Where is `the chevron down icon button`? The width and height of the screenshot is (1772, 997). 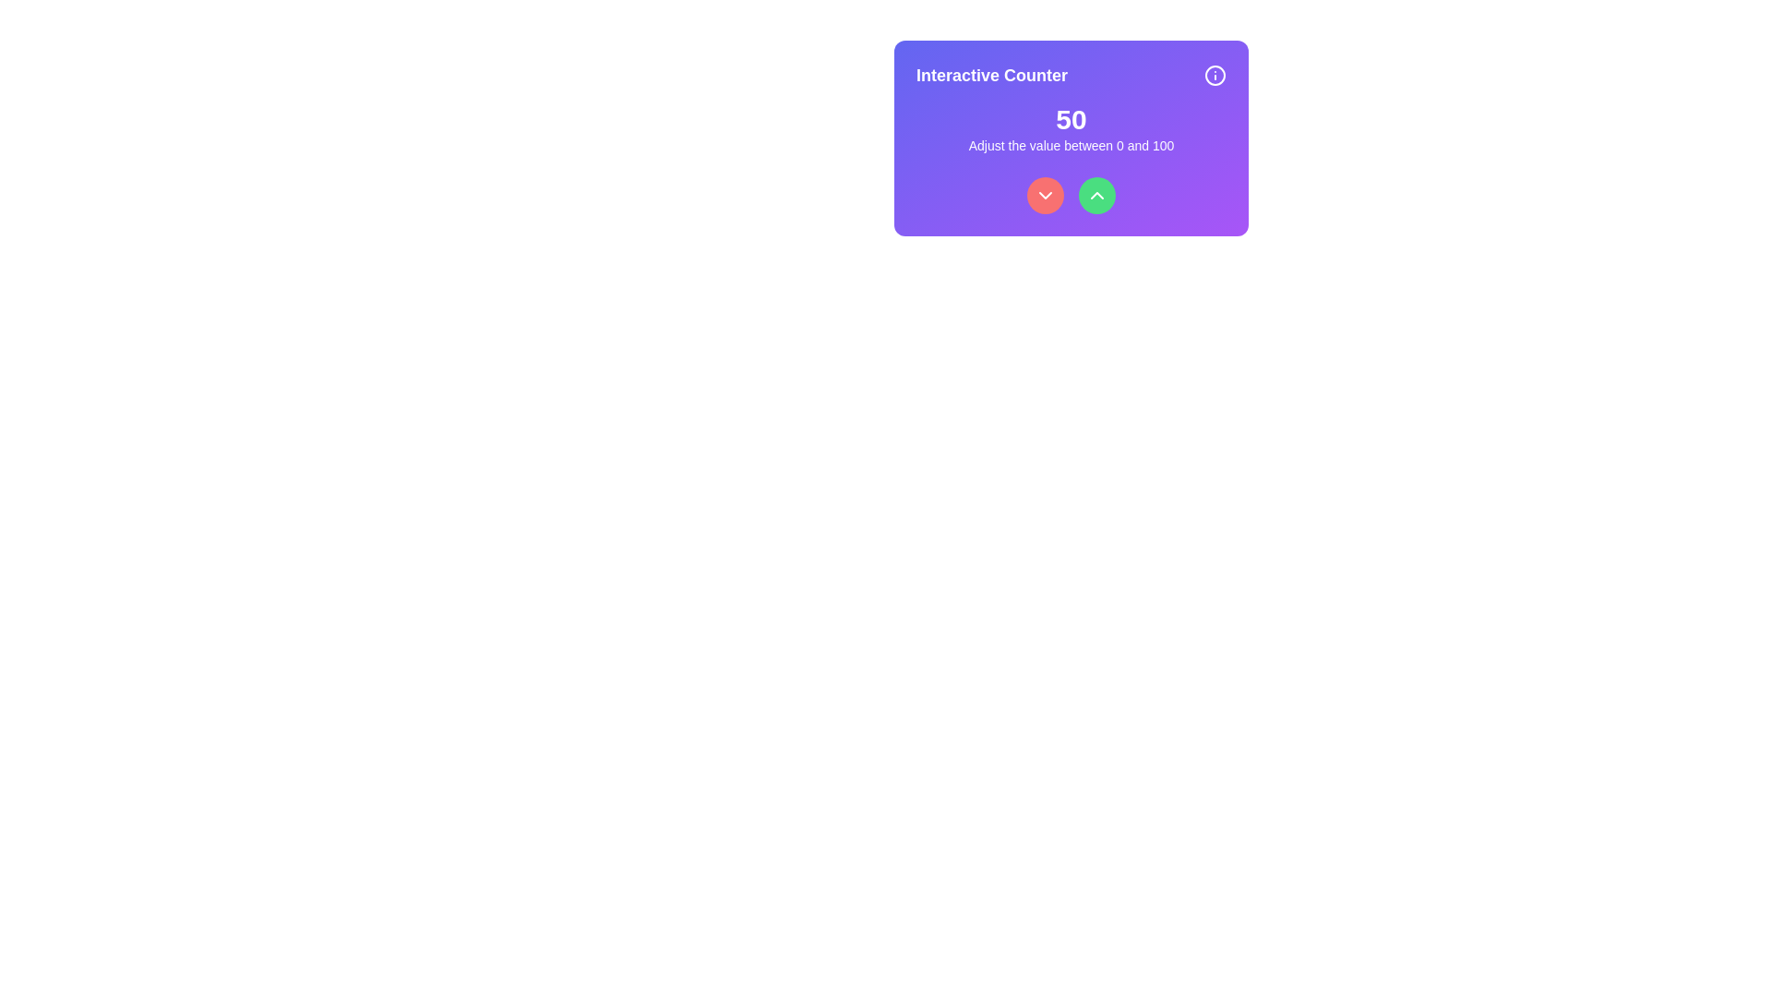
the chevron down icon button is located at coordinates (1045, 196).